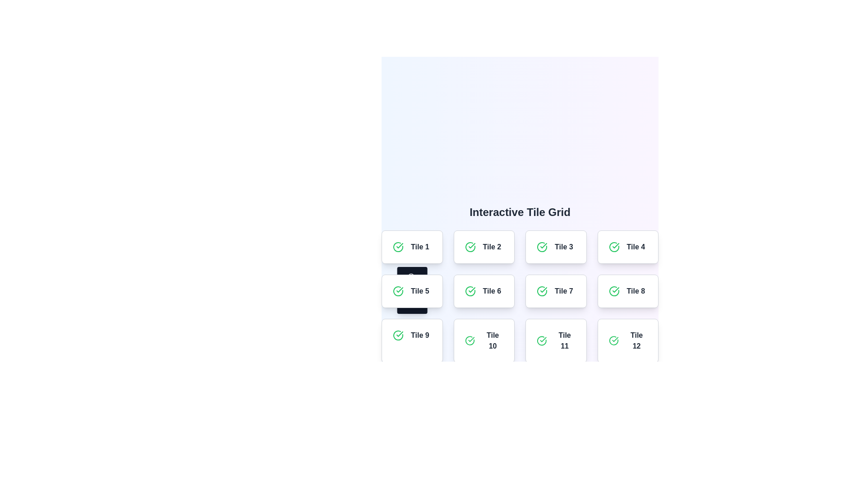 The image size is (866, 487). Describe the element at coordinates (419, 335) in the screenshot. I see `the text label displaying 'Tile 9', which is styled in bold gray font and located in the bottom-left section of the ninth tile in the grid layout` at that location.